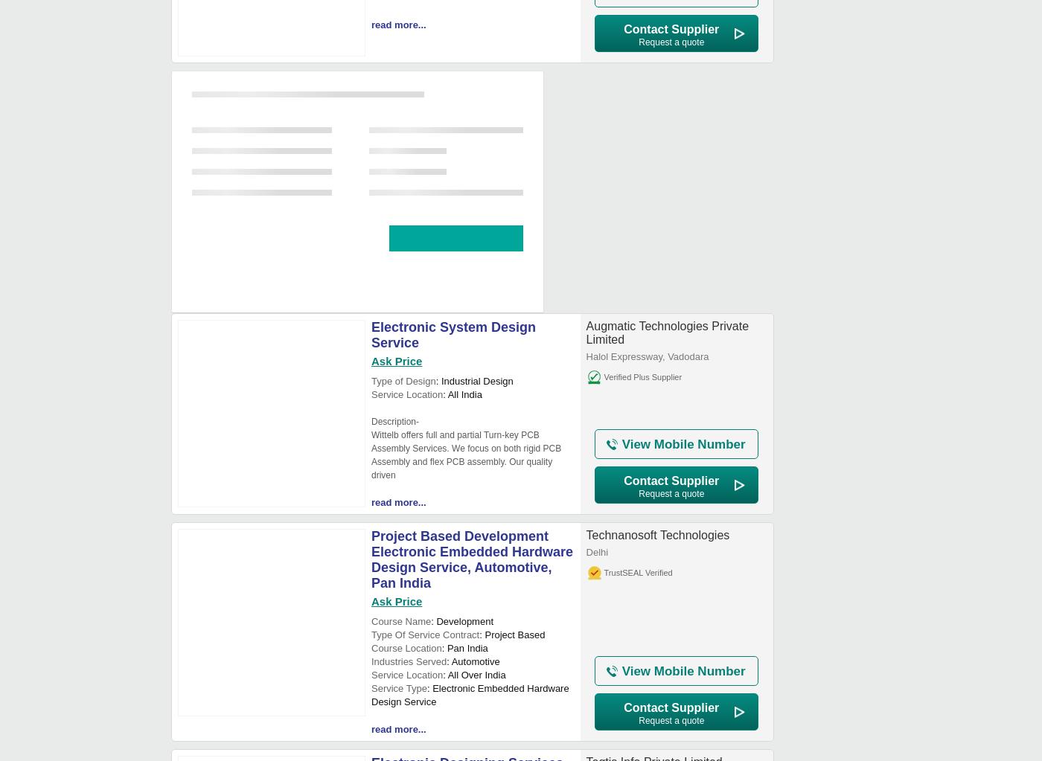 This screenshot has height=761, width=1042. What do you see at coordinates (371, 687) in the screenshot?
I see `'Service Type'` at bounding box center [371, 687].